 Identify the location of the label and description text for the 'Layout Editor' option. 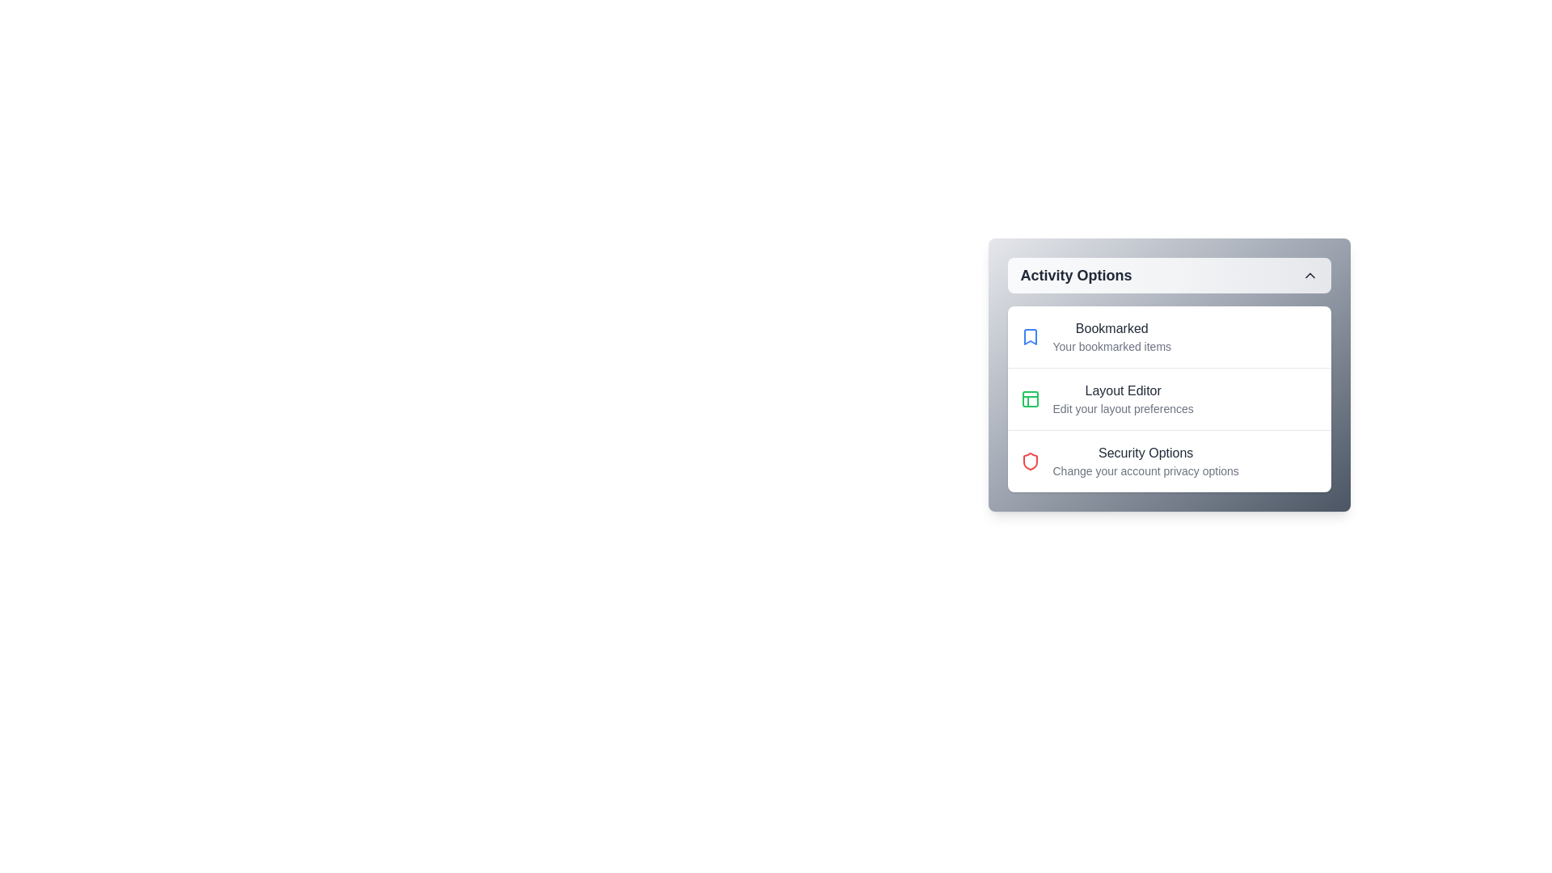
(1121, 399).